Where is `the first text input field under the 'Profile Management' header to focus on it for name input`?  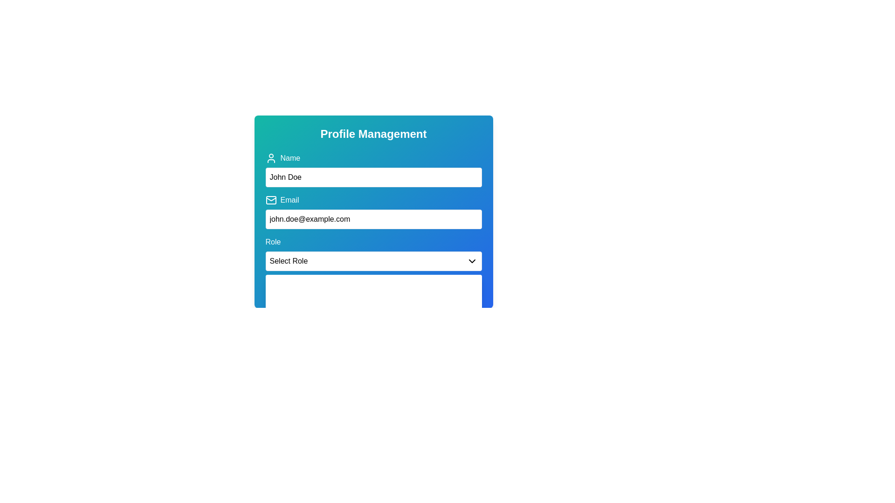
the first text input field under the 'Profile Management' header to focus on it for name input is located at coordinates (373, 170).